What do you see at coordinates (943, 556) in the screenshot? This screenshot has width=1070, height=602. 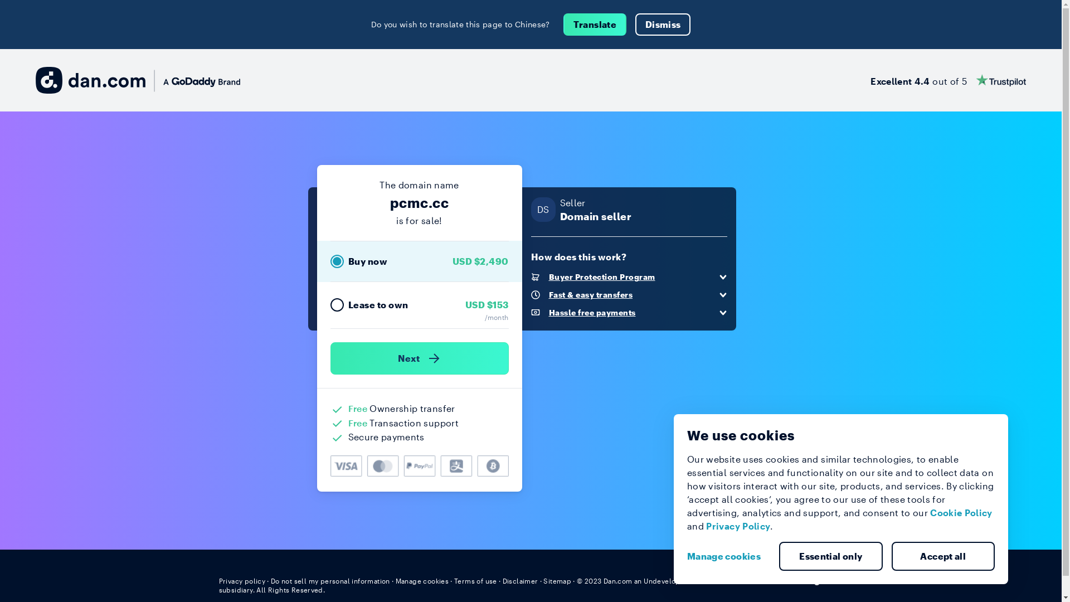 I see `'Accept all'` at bounding box center [943, 556].